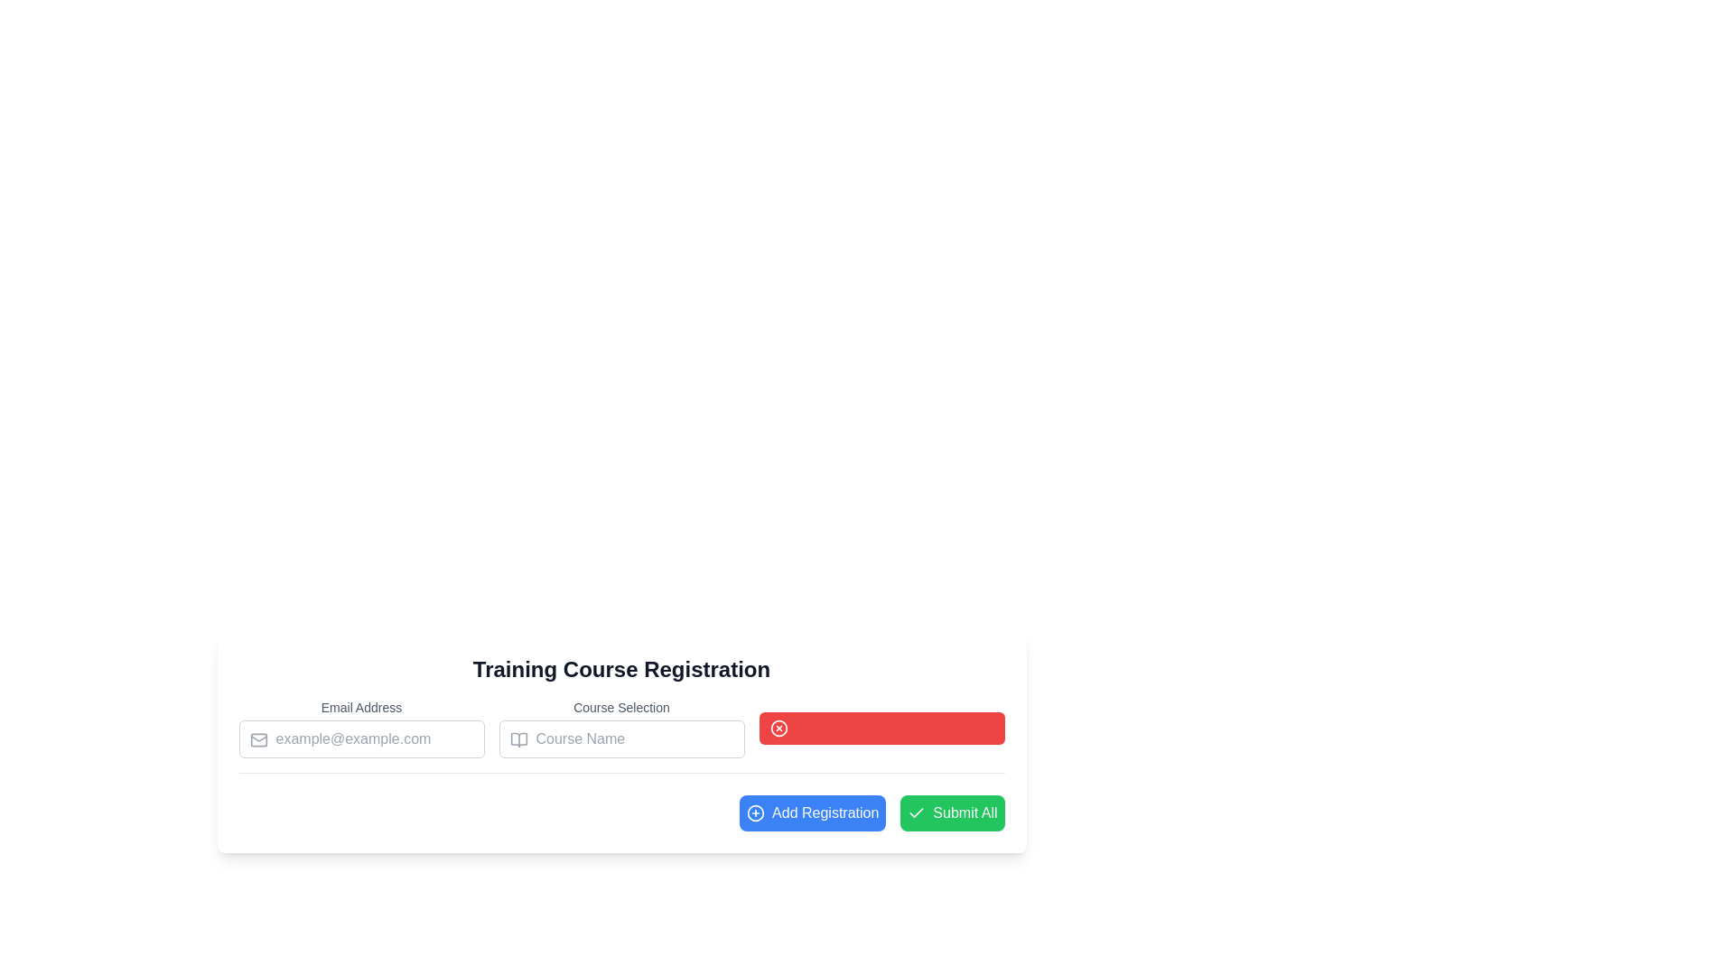 This screenshot has width=1734, height=975. Describe the element at coordinates (257, 740) in the screenshot. I see `the Decorative icon located inside the email input field, which serves as a visual representation for the email address input` at that location.